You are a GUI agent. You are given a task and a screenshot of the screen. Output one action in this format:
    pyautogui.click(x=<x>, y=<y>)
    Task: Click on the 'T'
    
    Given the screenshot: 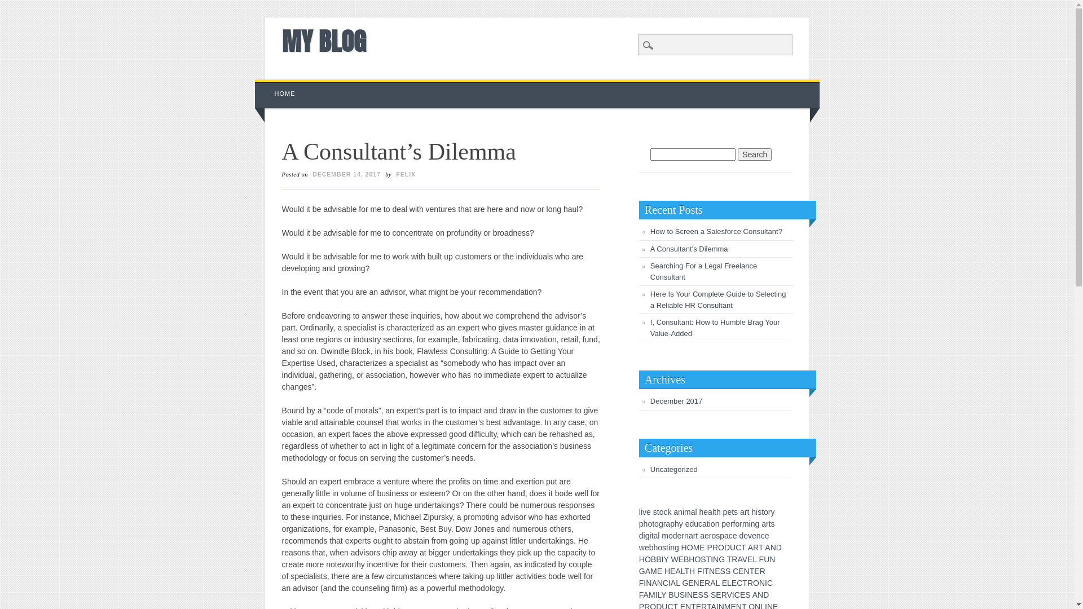 What is the action you would take?
    pyautogui.click(x=752, y=571)
    